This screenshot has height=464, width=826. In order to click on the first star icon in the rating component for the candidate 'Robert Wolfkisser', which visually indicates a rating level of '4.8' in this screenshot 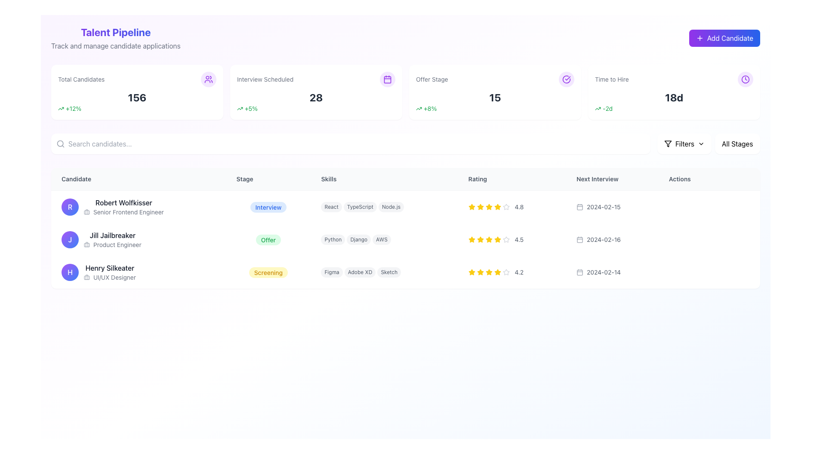, I will do `click(471, 207)`.